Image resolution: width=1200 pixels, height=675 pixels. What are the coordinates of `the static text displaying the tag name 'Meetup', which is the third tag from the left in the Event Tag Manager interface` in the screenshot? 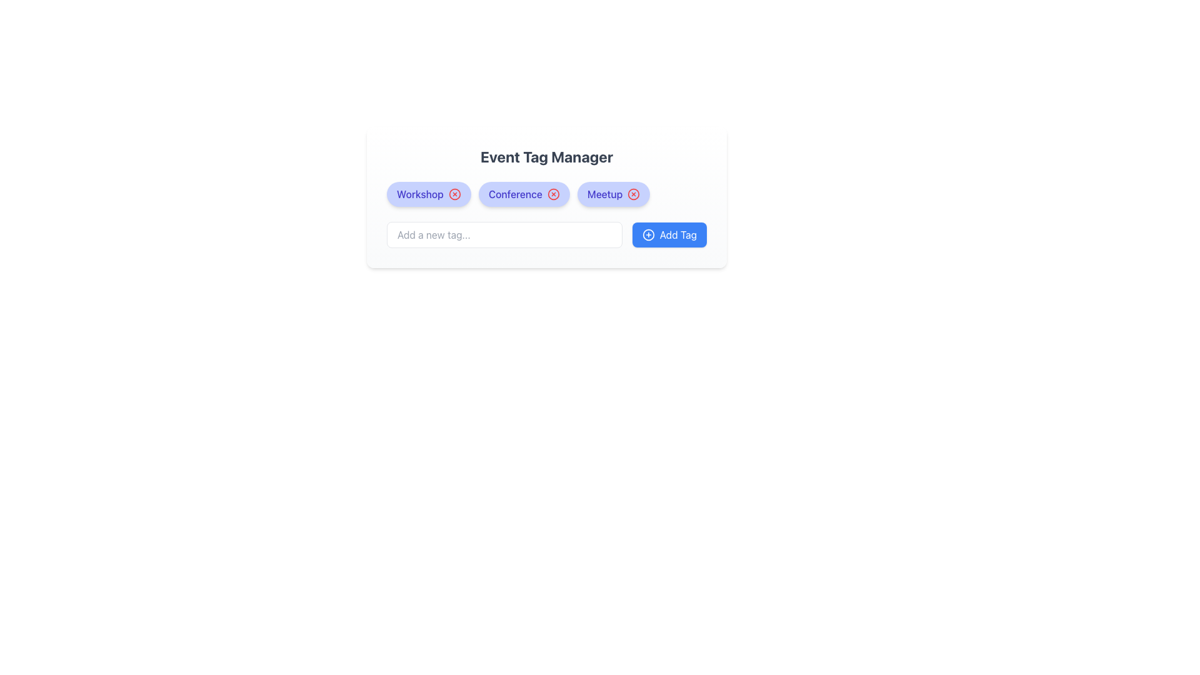 It's located at (605, 194).